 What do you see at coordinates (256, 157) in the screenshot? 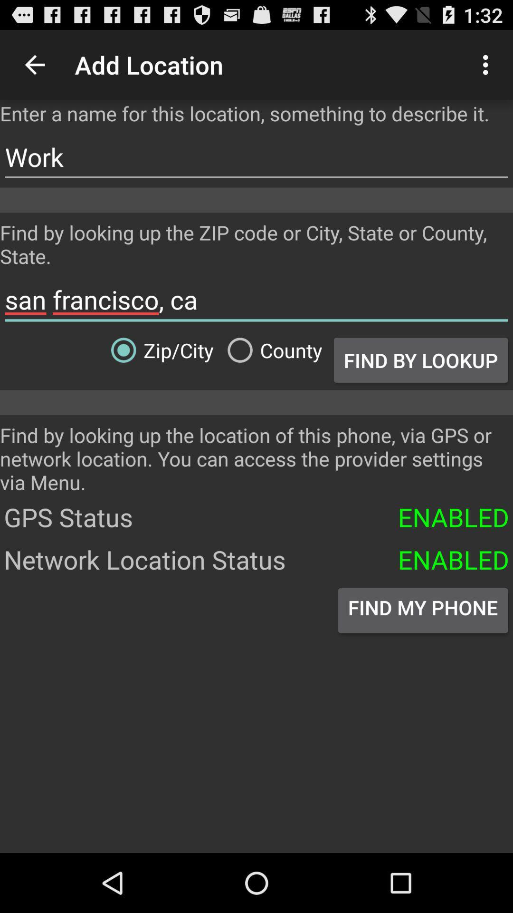
I see `the work icon` at bounding box center [256, 157].